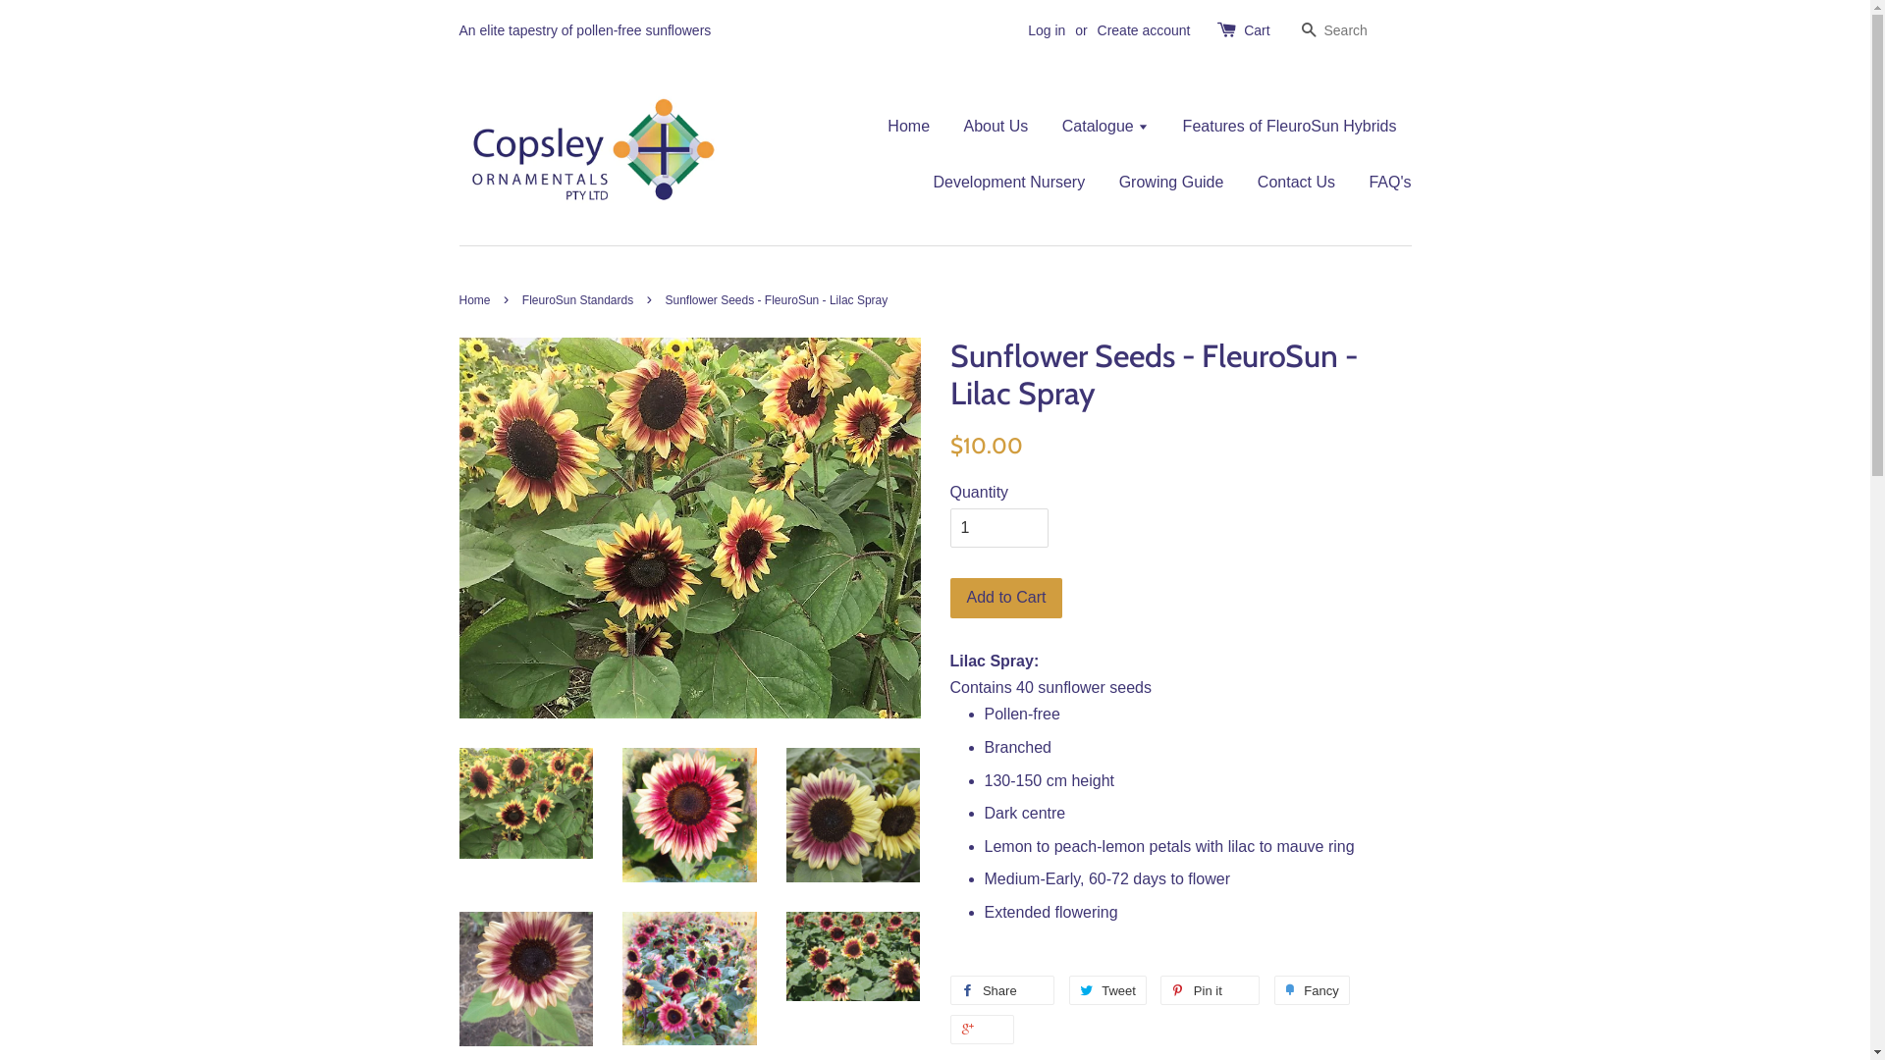 This screenshot has width=1885, height=1060. I want to click on 'Contact Us', so click(1296, 182).